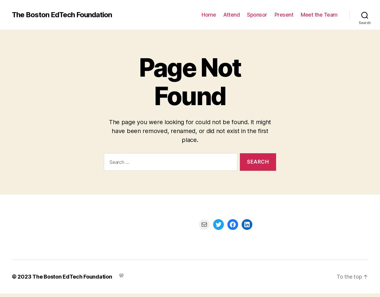 This screenshot has height=297, width=380. I want to click on 'The page you were looking for could not be found. It might have been removed, renamed, or did not exist in the first place.', so click(108, 131).